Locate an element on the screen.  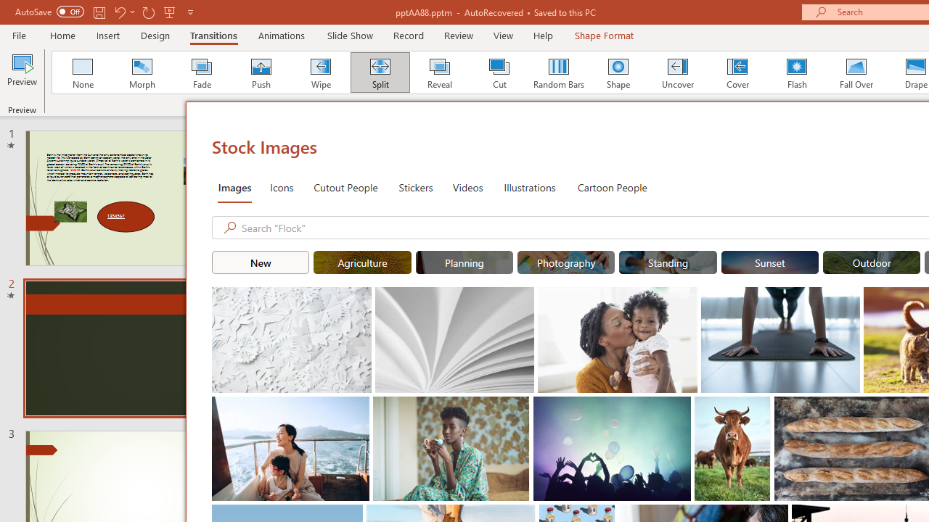
'Preview' is located at coordinates (22, 75).